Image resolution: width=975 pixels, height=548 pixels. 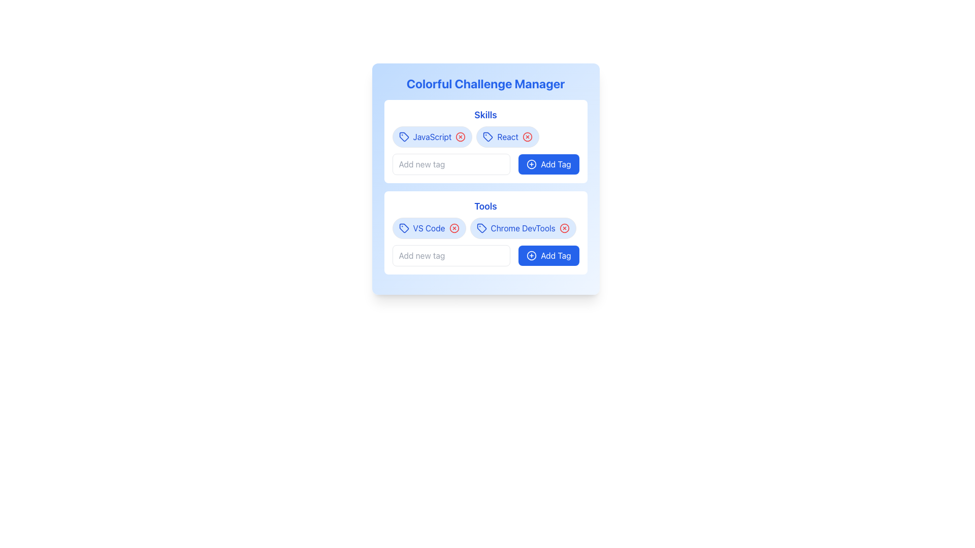 What do you see at coordinates (488, 137) in the screenshot?
I see `the React icon, which is positioned within the button labeled 'React', the second tag from the left in the 'Skills' section, located to the right of the 'JavaScript' tag` at bounding box center [488, 137].